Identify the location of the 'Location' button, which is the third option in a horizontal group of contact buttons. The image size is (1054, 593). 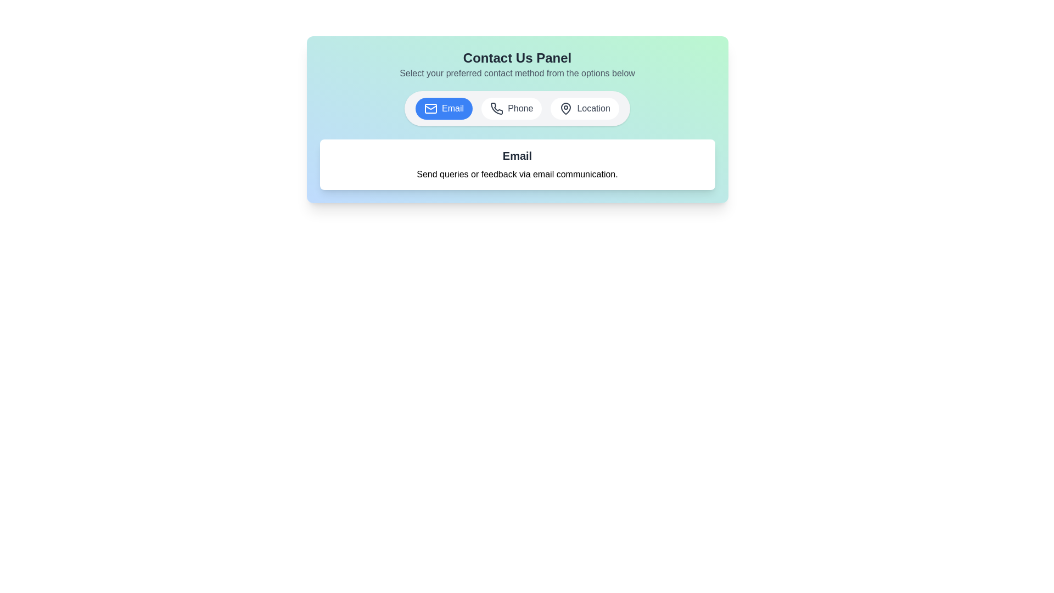
(566, 108).